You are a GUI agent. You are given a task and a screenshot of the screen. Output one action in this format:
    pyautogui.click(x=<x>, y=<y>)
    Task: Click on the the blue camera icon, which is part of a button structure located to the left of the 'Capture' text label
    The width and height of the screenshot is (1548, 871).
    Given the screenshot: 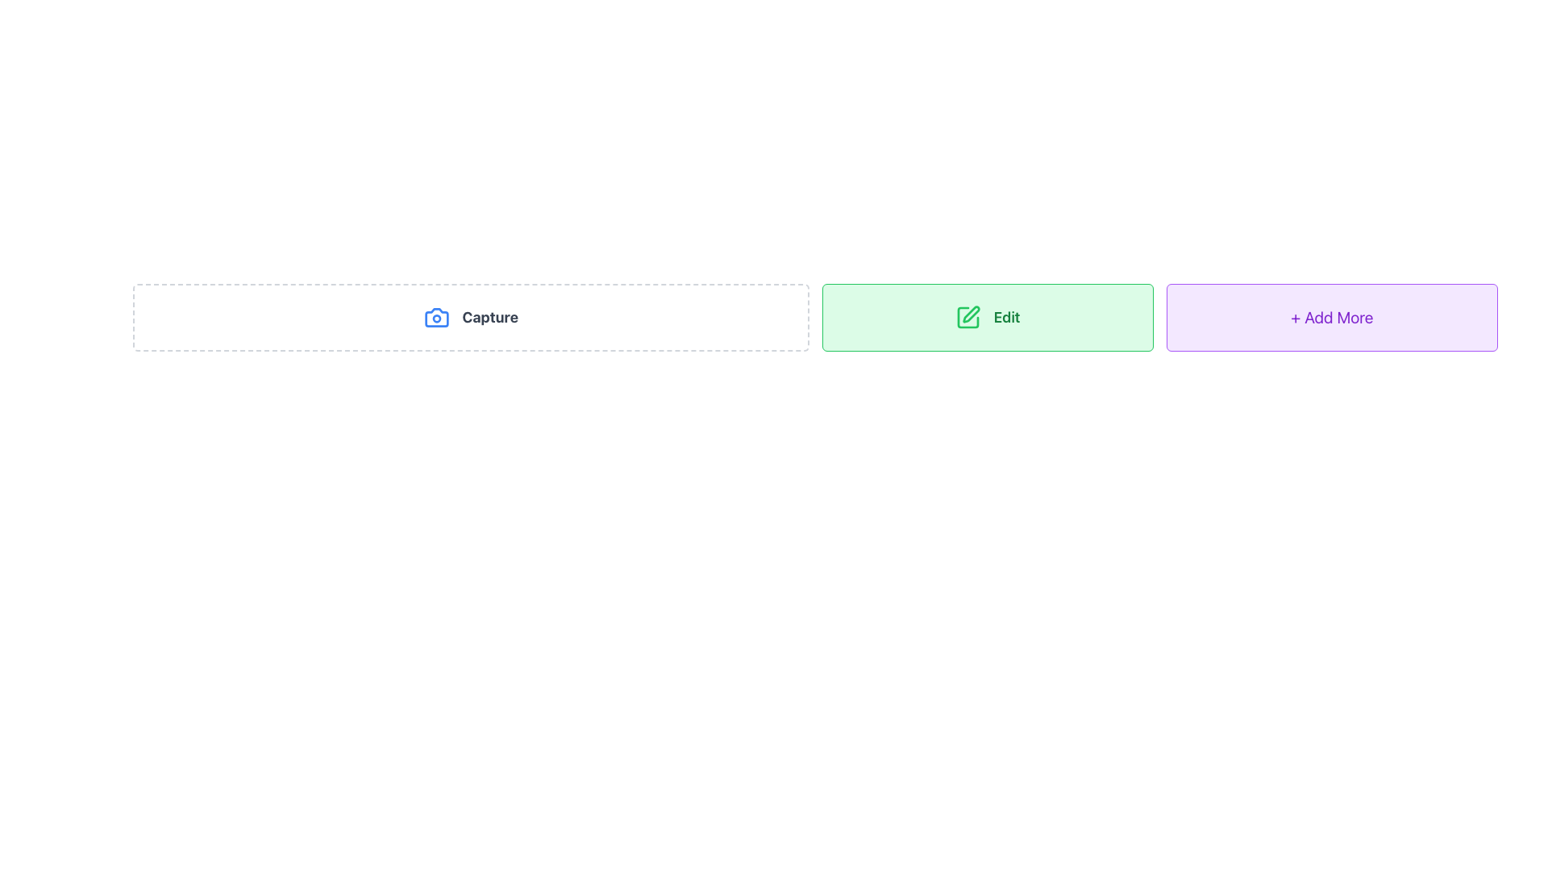 What is the action you would take?
    pyautogui.click(x=436, y=317)
    